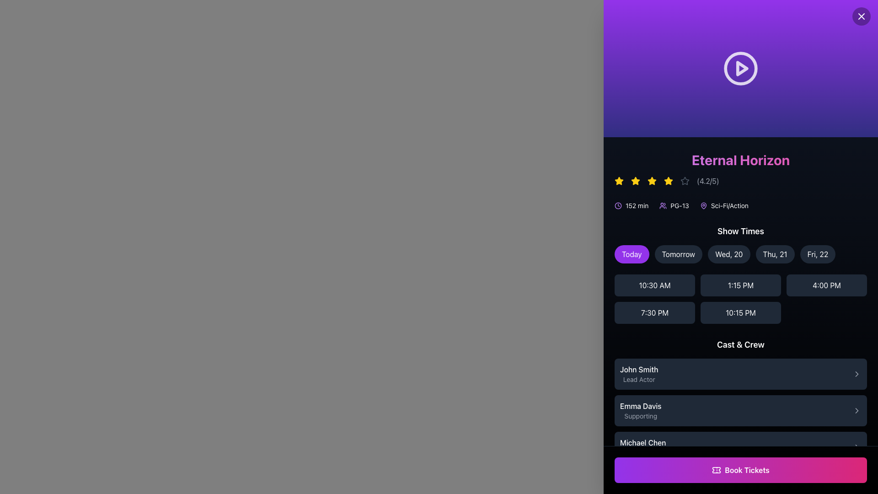  Describe the element at coordinates (741, 169) in the screenshot. I see `the text display element for the movie 'Eternal Horizon' which features a rating score of '4.2/5' and star indicators, located near the top of the right panel` at that location.